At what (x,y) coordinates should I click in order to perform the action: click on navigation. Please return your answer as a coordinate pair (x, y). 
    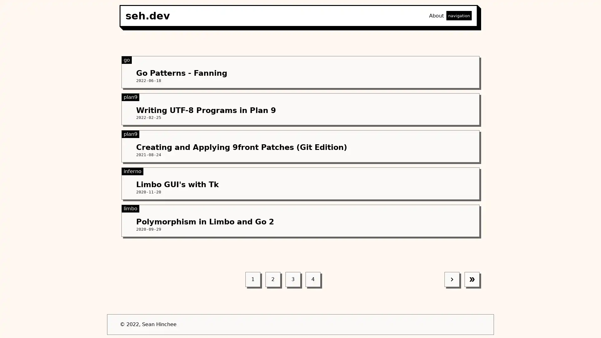
    Looking at the image, I should click on (459, 15).